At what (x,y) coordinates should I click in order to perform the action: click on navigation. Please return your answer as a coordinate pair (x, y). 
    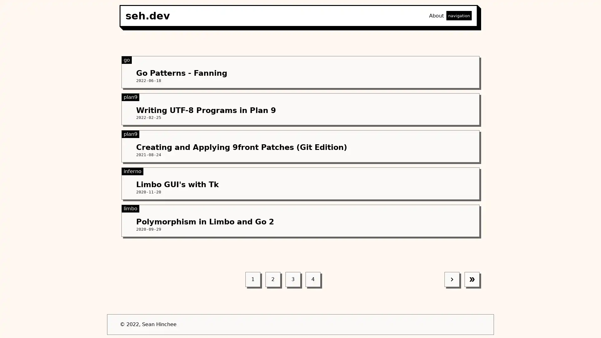
    Looking at the image, I should click on (459, 15).